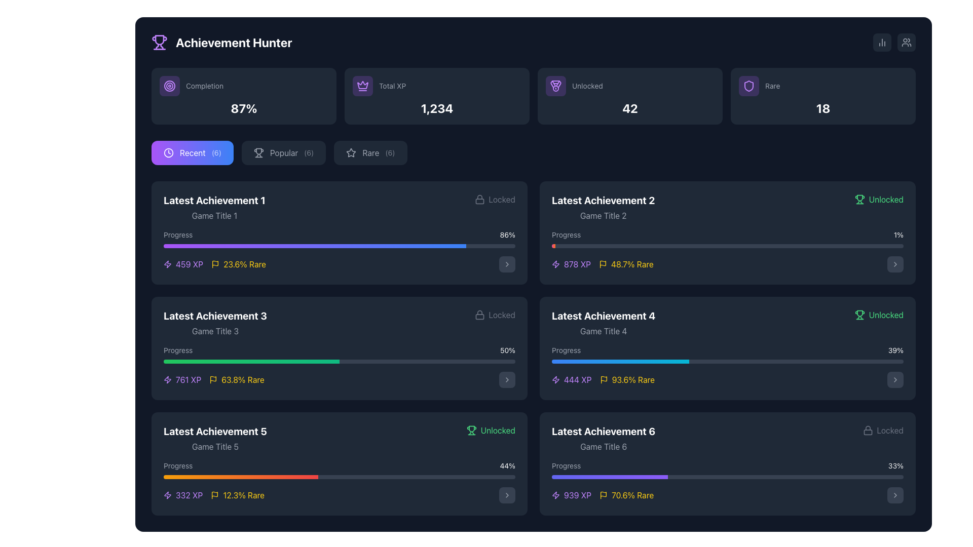 The image size is (973, 547). Describe the element at coordinates (603, 495) in the screenshot. I see `the text displaying '939 XP' followed by '70.6% Rare', which is styled in purple and yellow respectively, located in the lower-right section of the 'Latest Achievement 6' card` at that location.